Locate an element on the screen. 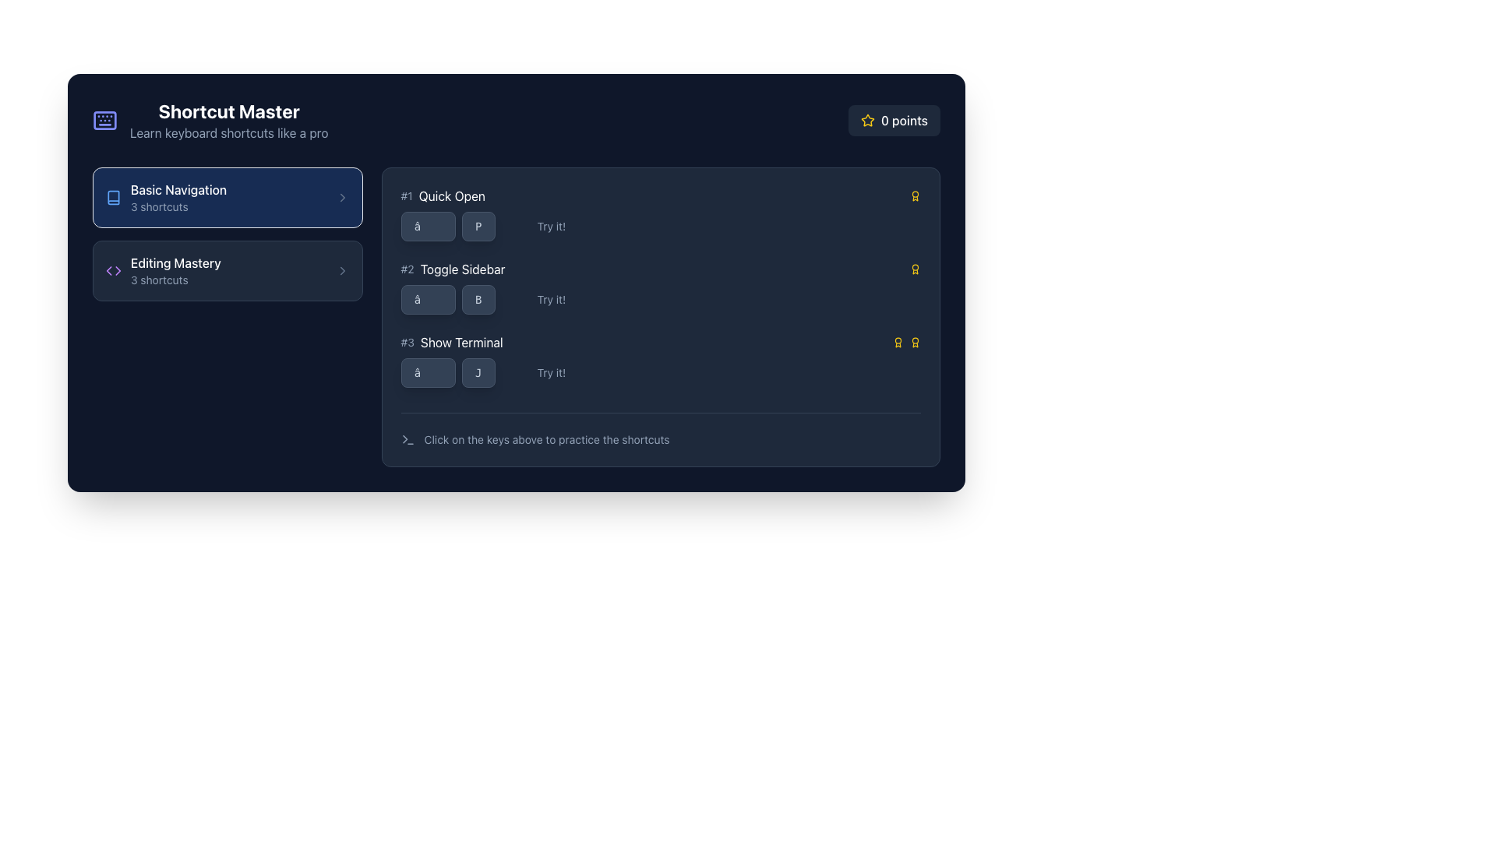 The width and height of the screenshot is (1496, 841). the small, light gray static text label displaying '#3', which is positioned to the far left of the 'Show Terminal' row in the shortcut list section is located at coordinates (408, 341).